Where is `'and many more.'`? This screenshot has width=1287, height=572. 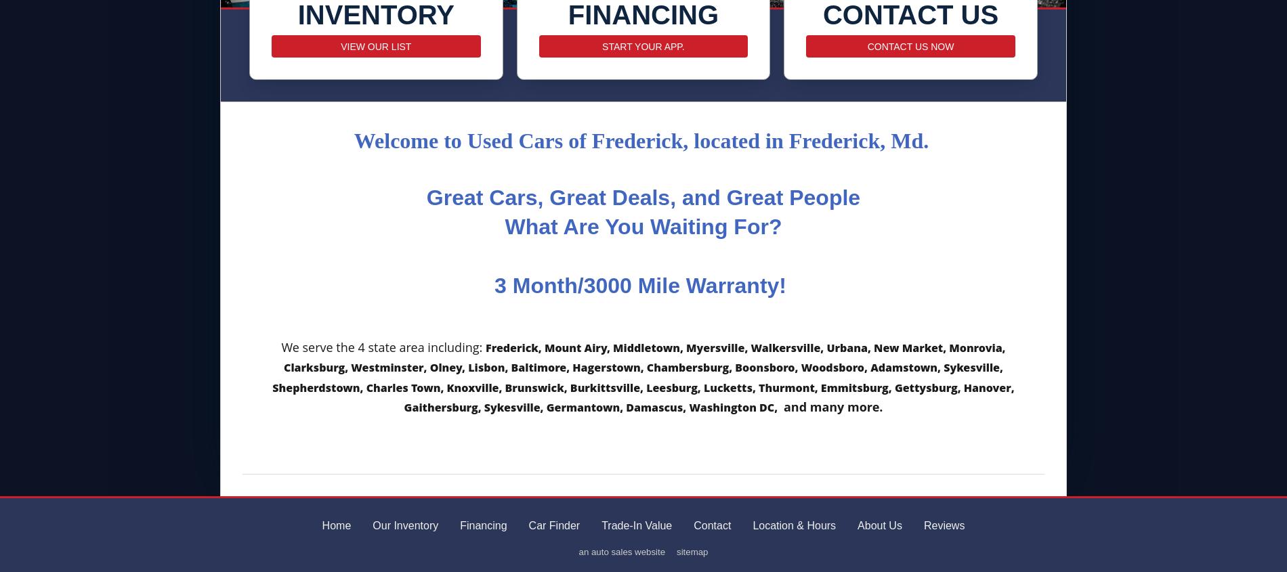
'and many more.' is located at coordinates (832, 406).